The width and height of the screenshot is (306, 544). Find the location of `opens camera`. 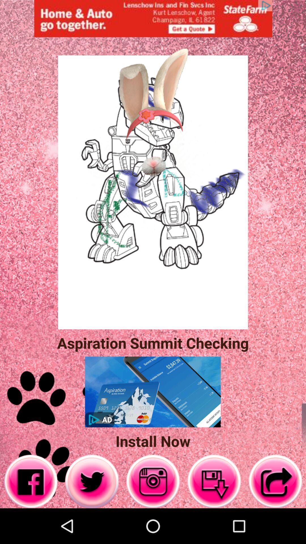

opens camera is located at coordinates (153, 481).